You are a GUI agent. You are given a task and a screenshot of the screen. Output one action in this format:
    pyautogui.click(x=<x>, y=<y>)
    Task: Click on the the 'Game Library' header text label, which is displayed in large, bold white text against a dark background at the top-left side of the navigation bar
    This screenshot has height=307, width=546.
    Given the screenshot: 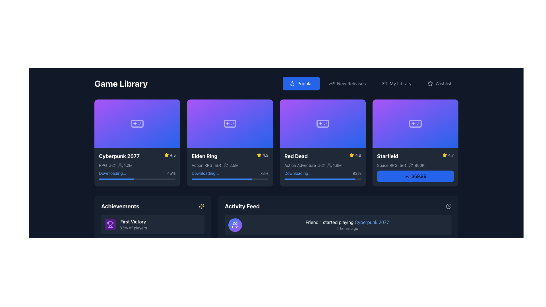 What is the action you would take?
    pyautogui.click(x=121, y=83)
    